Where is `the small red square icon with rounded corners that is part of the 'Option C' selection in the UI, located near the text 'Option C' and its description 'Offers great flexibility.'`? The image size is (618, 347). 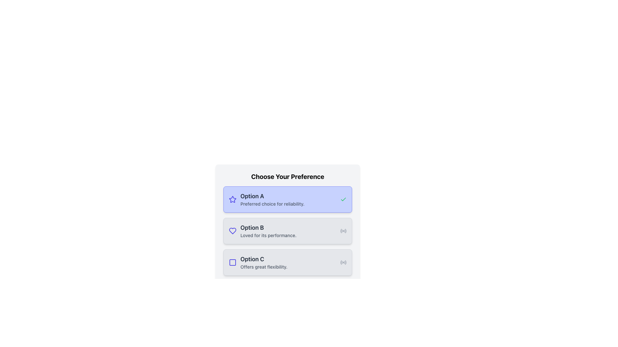 the small red square icon with rounded corners that is part of the 'Option C' selection in the UI, located near the text 'Option C' and its description 'Offers great flexibility.' is located at coordinates (232, 262).